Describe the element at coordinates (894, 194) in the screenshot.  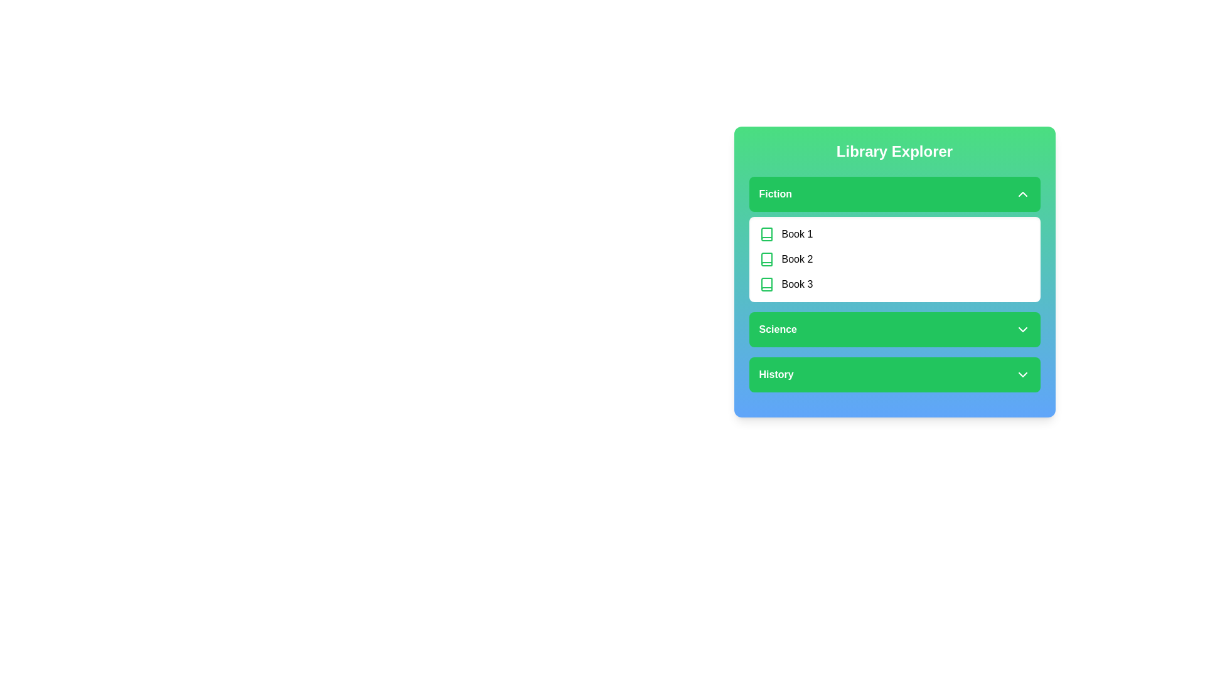
I see `the toggle button of the section labeled Fiction to expand or collapse it` at that location.